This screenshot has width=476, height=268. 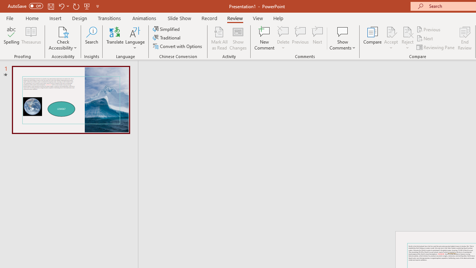 I want to click on 'Transitions', so click(x=109, y=18).